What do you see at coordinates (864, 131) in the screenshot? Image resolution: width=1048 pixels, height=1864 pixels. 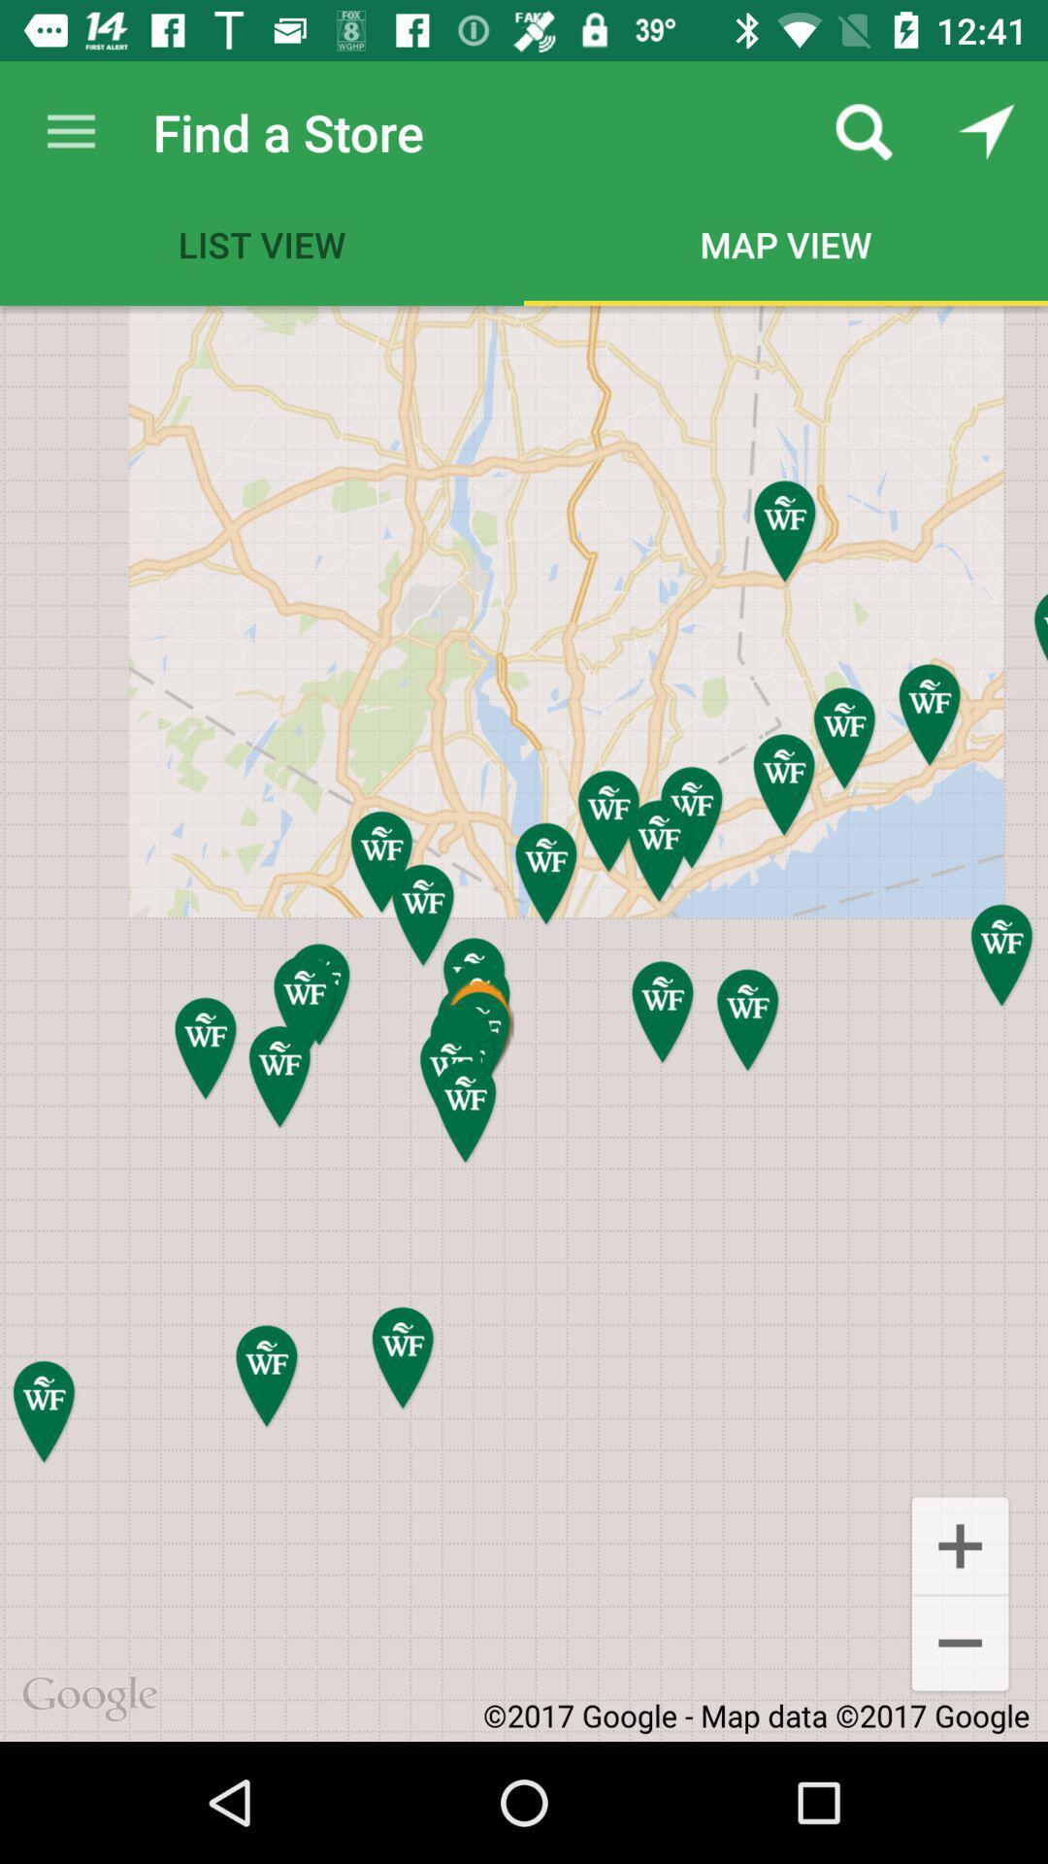 I see `the app next to the find a store icon` at bounding box center [864, 131].